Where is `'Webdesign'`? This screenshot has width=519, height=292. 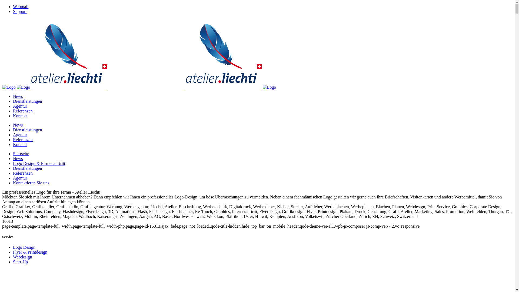
'Webdesign' is located at coordinates (22, 257).